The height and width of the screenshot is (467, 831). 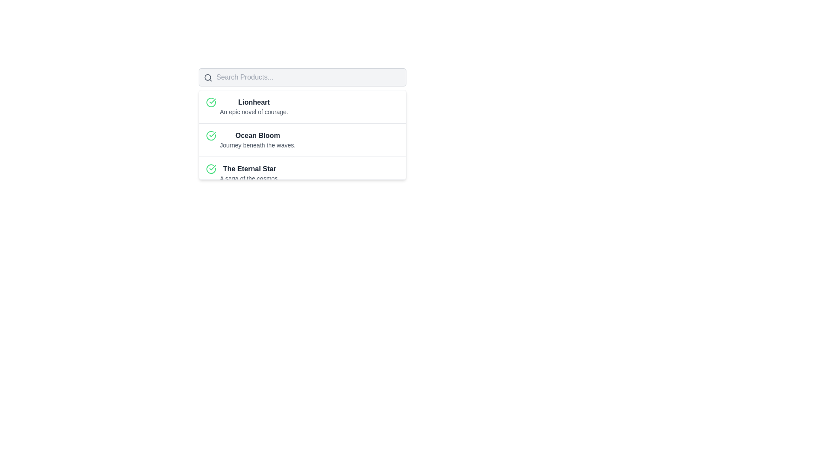 I want to click on the static text label that serves as the title of the third item in the list to possibly trigger a tooltip or visual highlight, so click(x=249, y=169).